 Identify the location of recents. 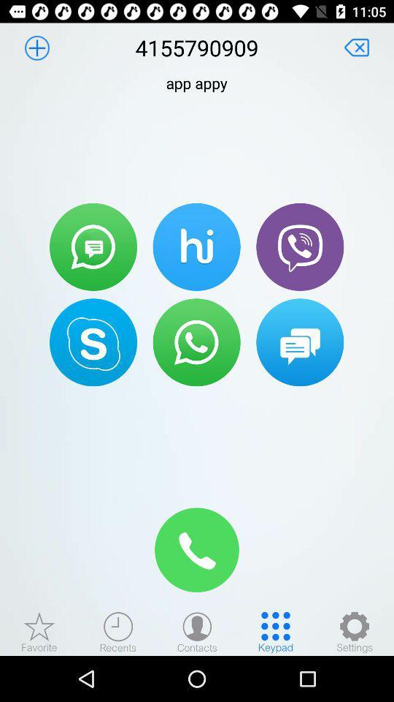
(117, 631).